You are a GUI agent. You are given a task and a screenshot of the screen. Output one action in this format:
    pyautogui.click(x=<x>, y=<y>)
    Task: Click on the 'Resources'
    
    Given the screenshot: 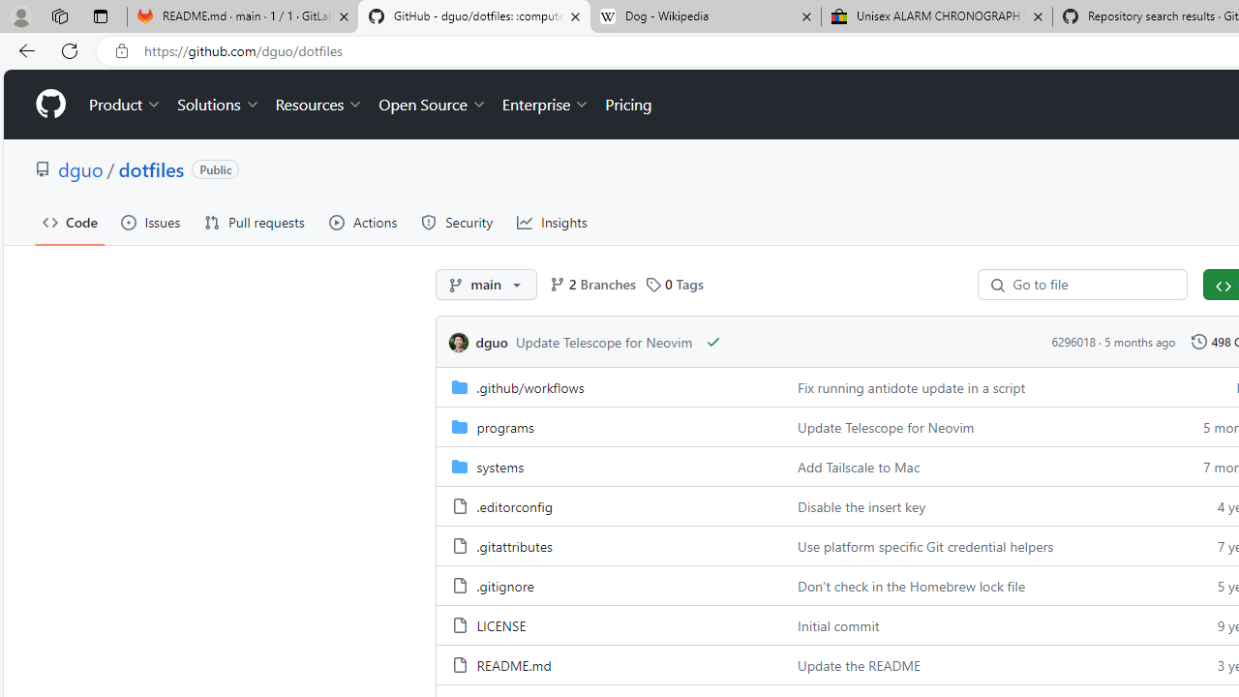 What is the action you would take?
    pyautogui.click(x=319, y=105)
    